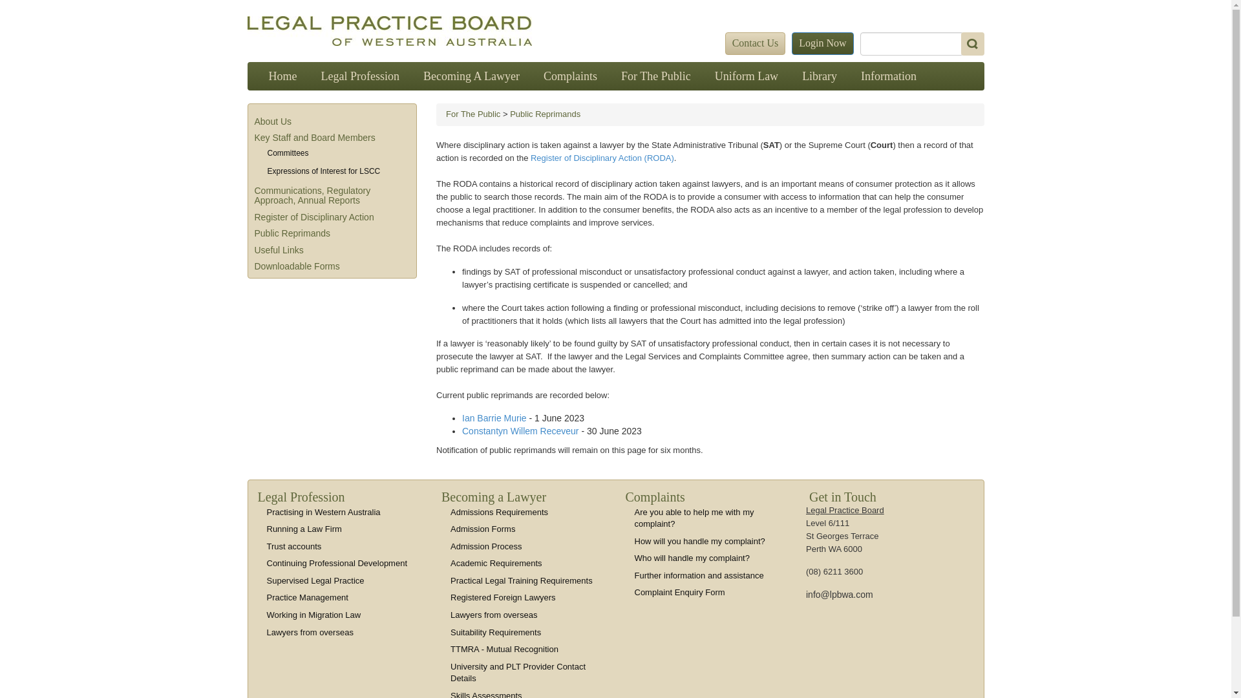 Image resolution: width=1241 pixels, height=698 pixels. Describe the element at coordinates (297, 266) in the screenshot. I see `'Downloadable Forms'` at that location.